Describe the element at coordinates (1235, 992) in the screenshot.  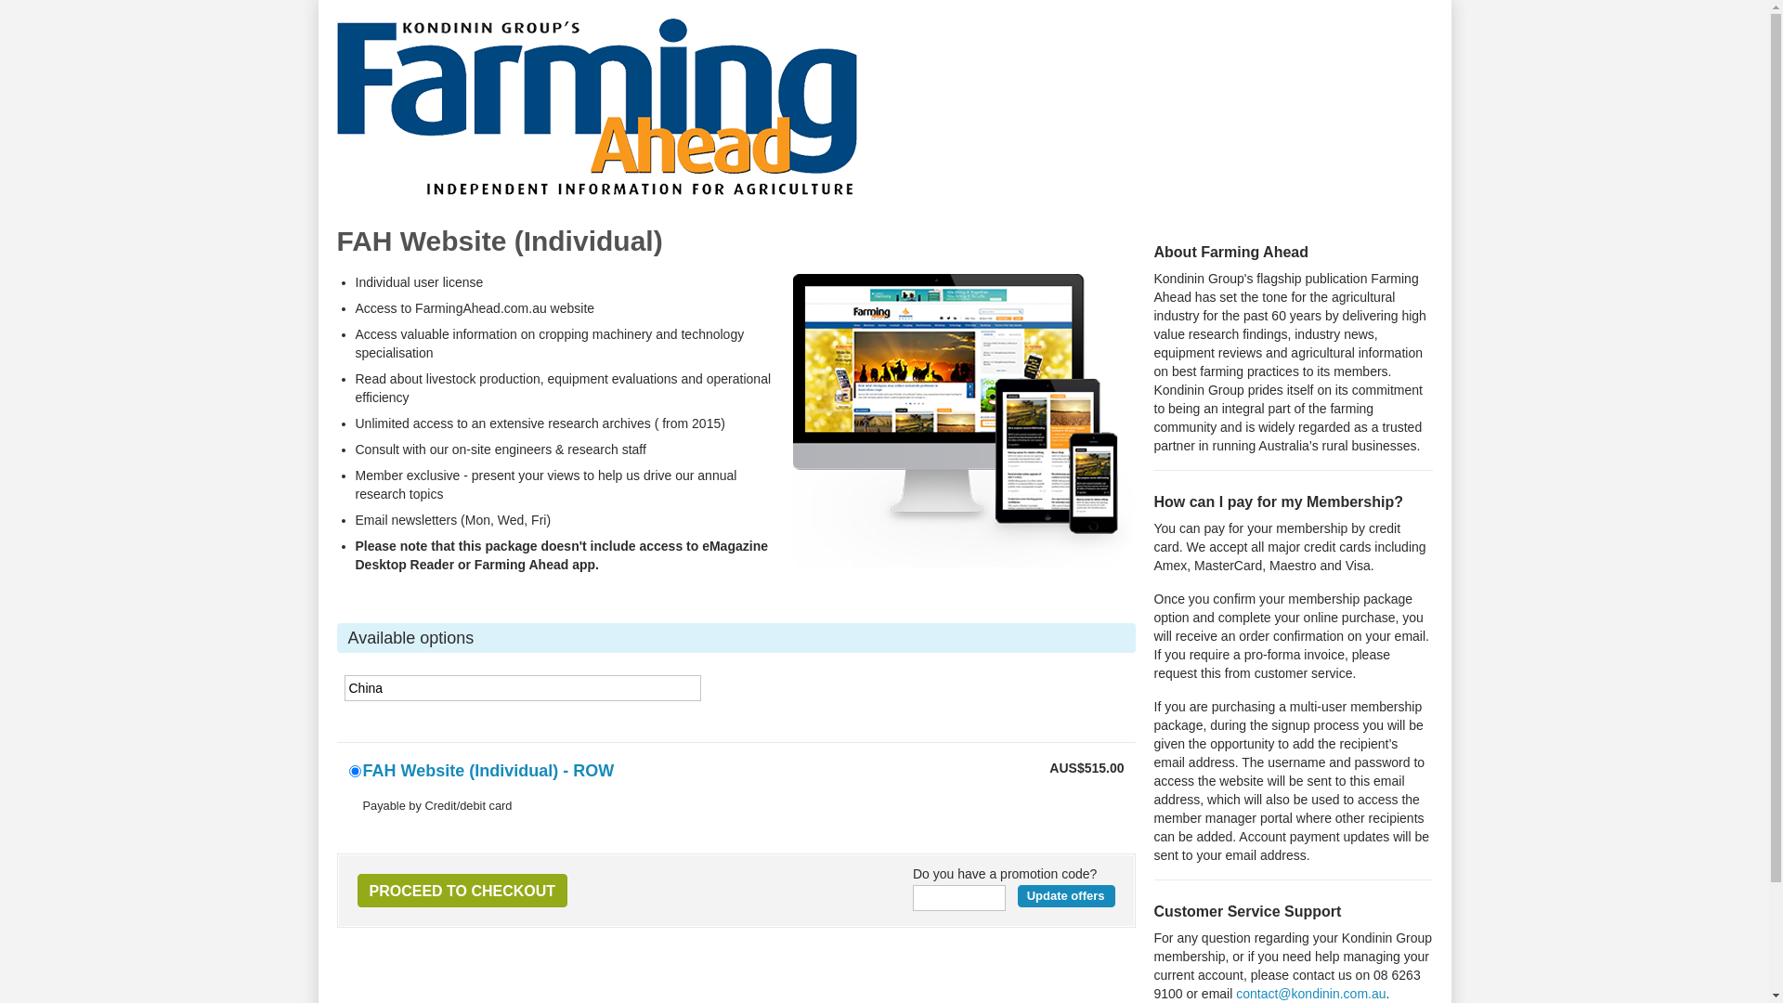
I see `'contact@kondinin.com.au'` at that location.